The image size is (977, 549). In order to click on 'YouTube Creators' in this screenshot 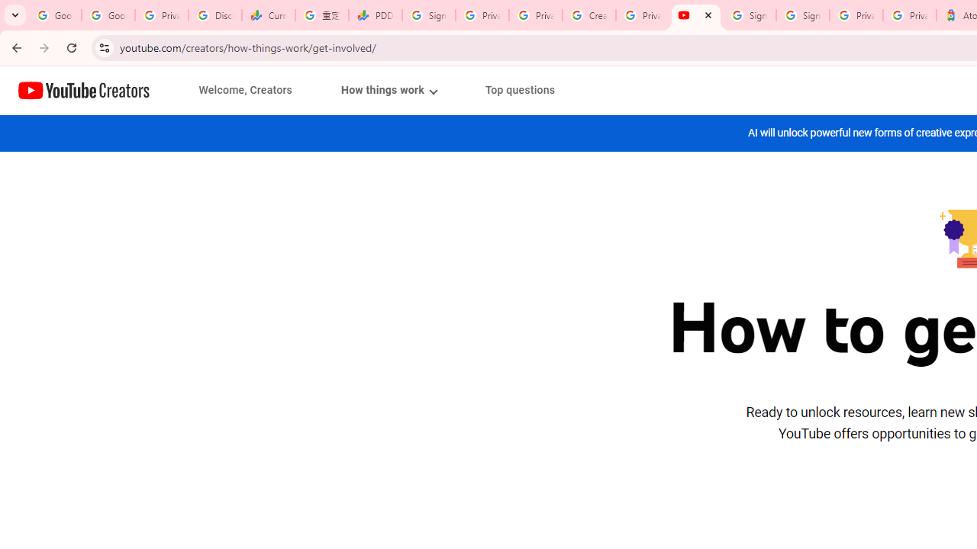, I will do `click(83, 90)`.